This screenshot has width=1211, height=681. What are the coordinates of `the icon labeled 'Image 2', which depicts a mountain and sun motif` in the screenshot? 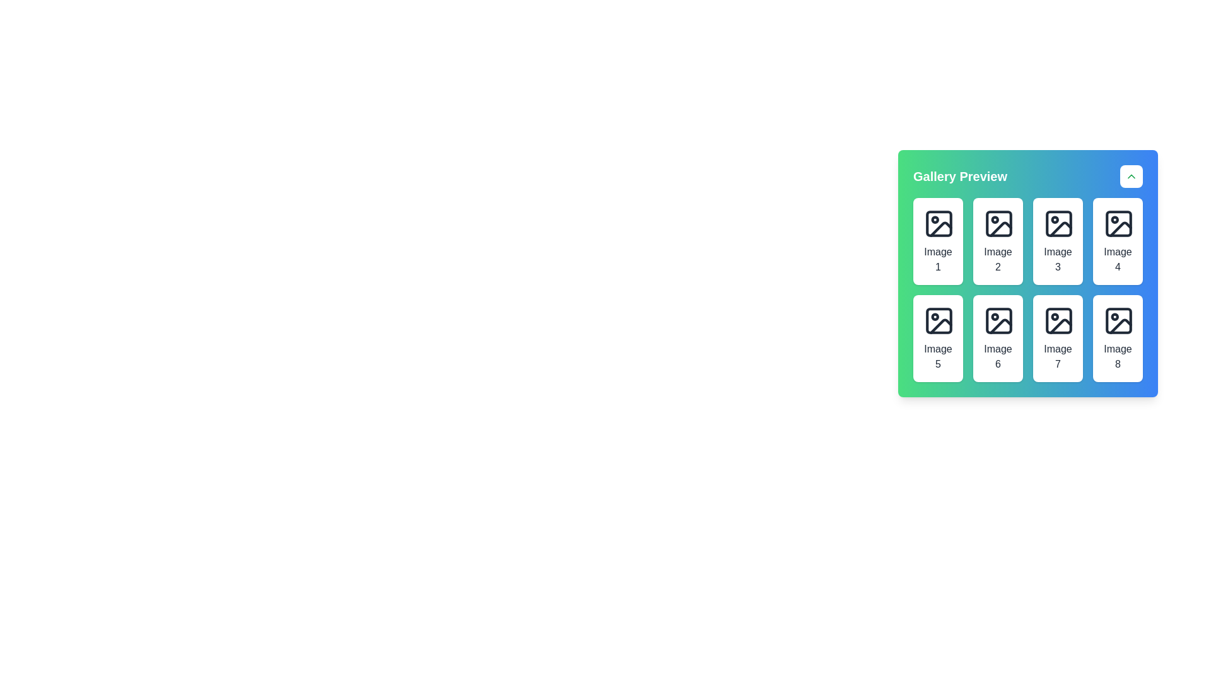 It's located at (998, 223).